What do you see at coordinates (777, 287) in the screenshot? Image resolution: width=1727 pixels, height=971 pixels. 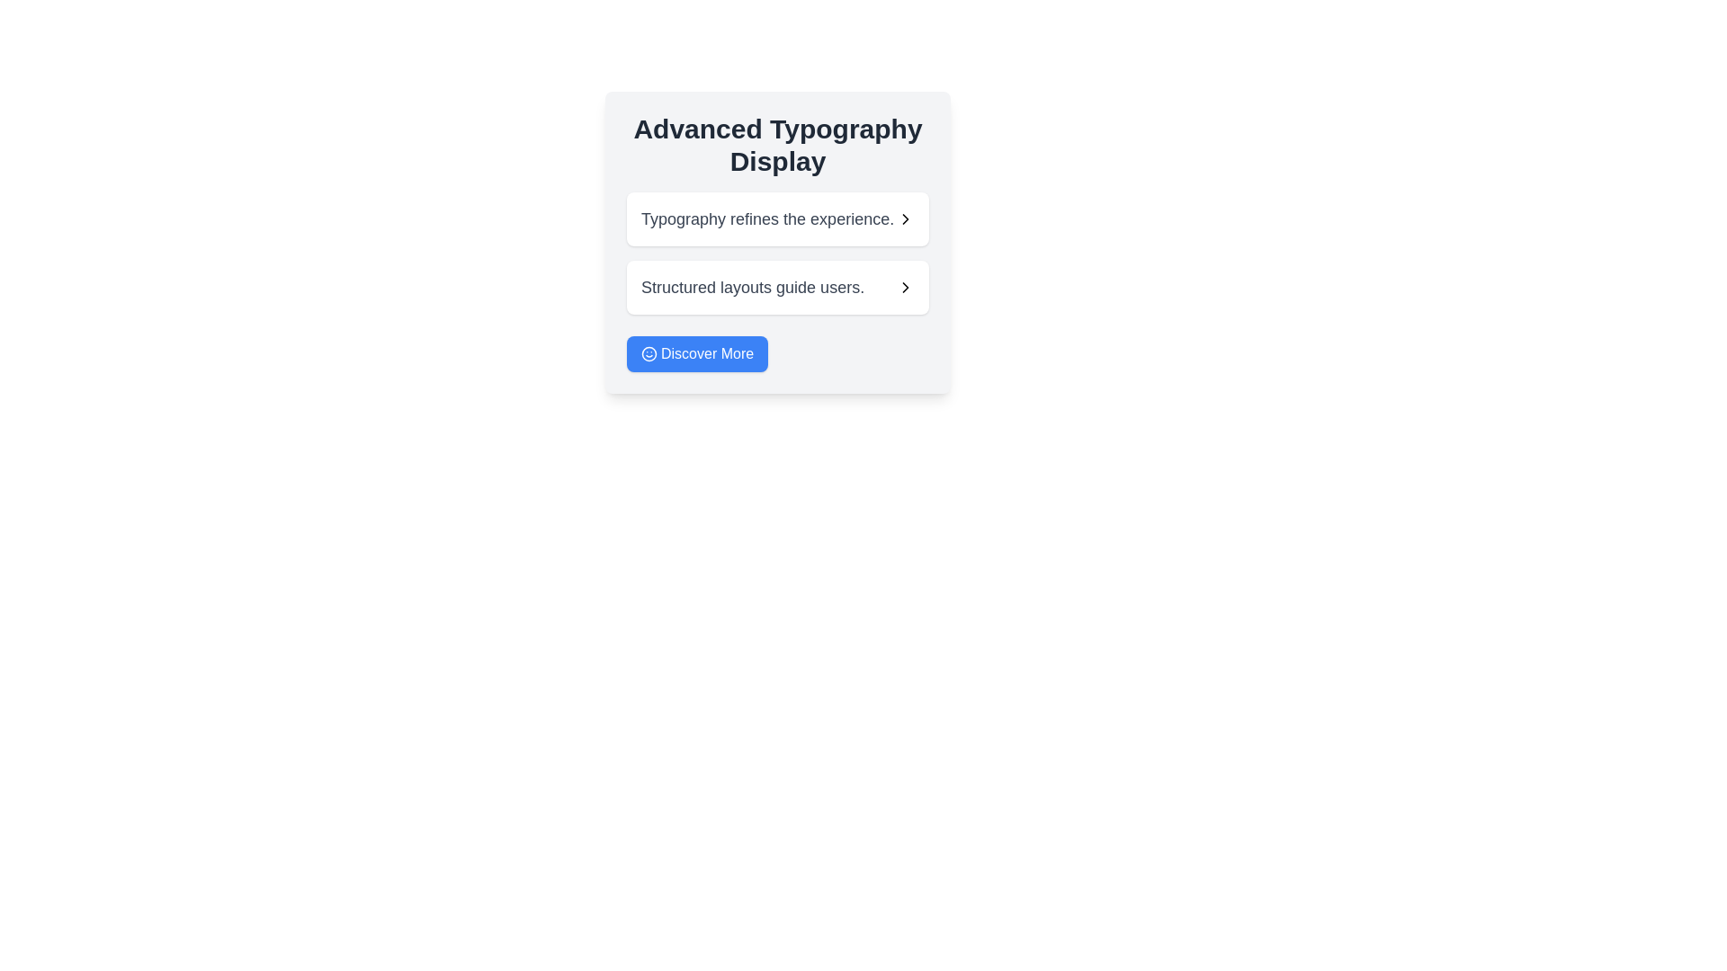 I see `the second clickable row located below the text 'Typography refines the experience.'` at bounding box center [777, 287].